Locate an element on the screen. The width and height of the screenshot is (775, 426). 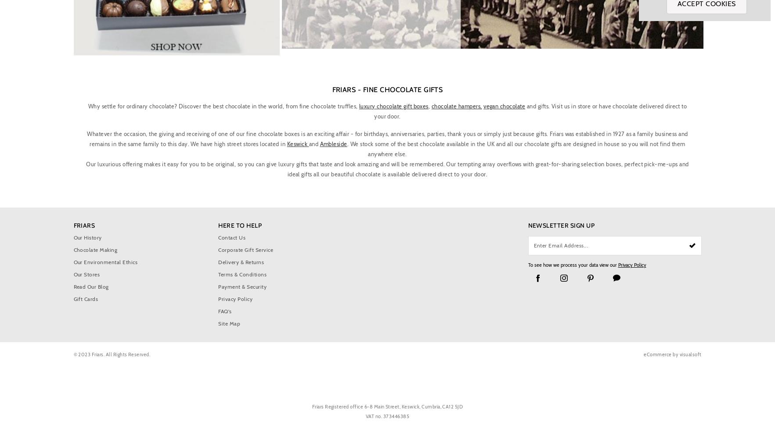
'Read Our Blog' is located at coordinates (90, 286).